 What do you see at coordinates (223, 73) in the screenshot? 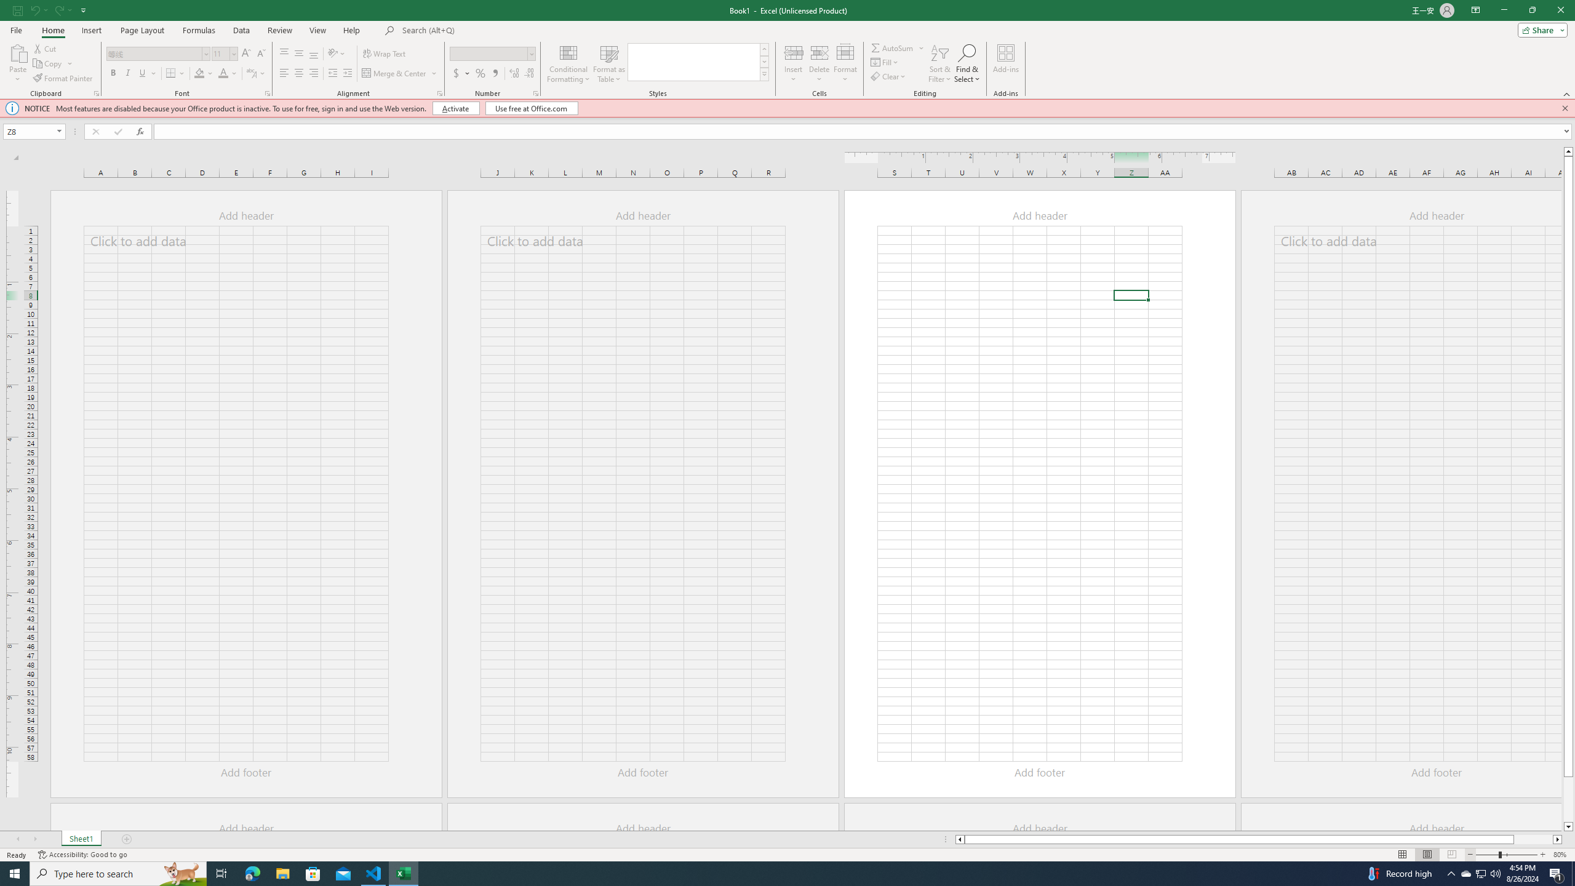
I see `'Font Color'` at bounding box center [223, 73].